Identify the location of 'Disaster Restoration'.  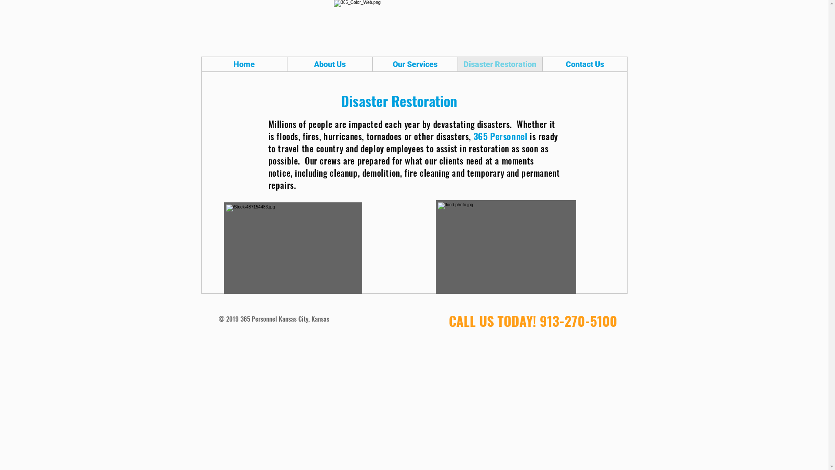
(500, 64).